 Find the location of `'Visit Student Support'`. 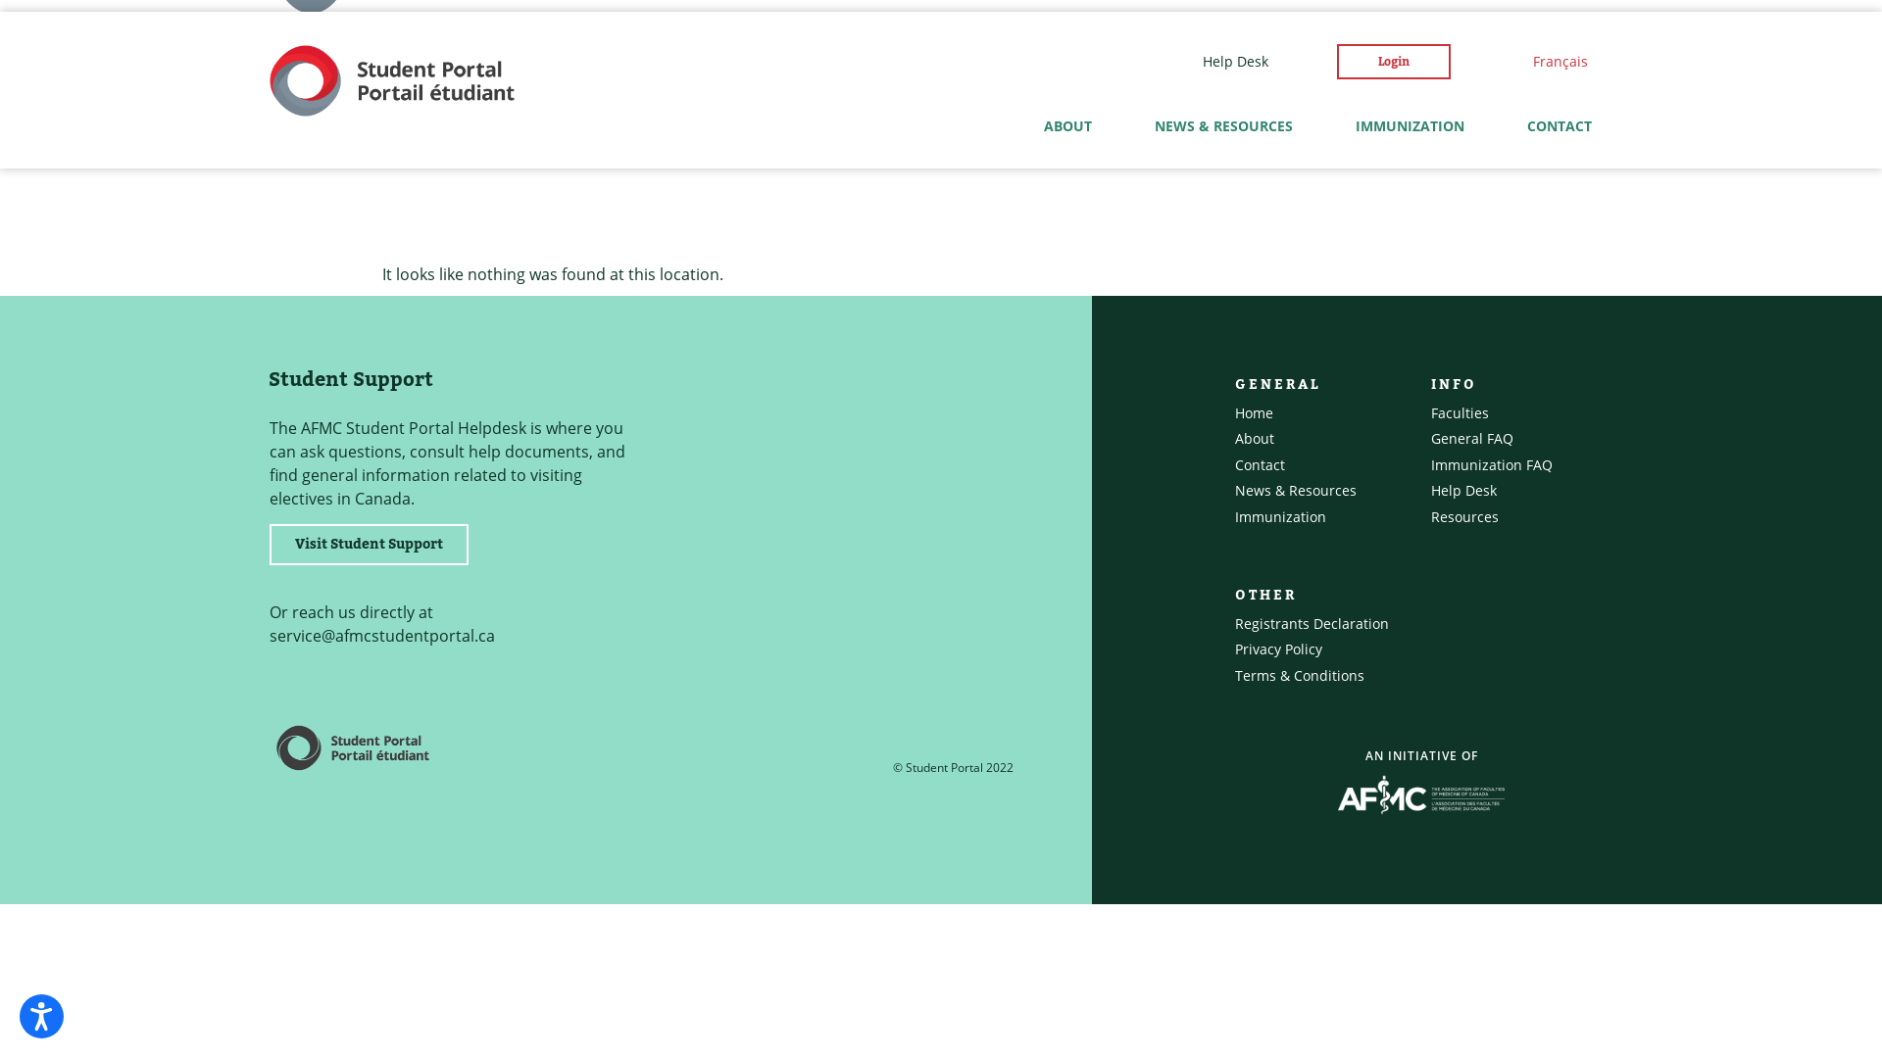

'Visit Student Support' is located at coordinates (369, 544).